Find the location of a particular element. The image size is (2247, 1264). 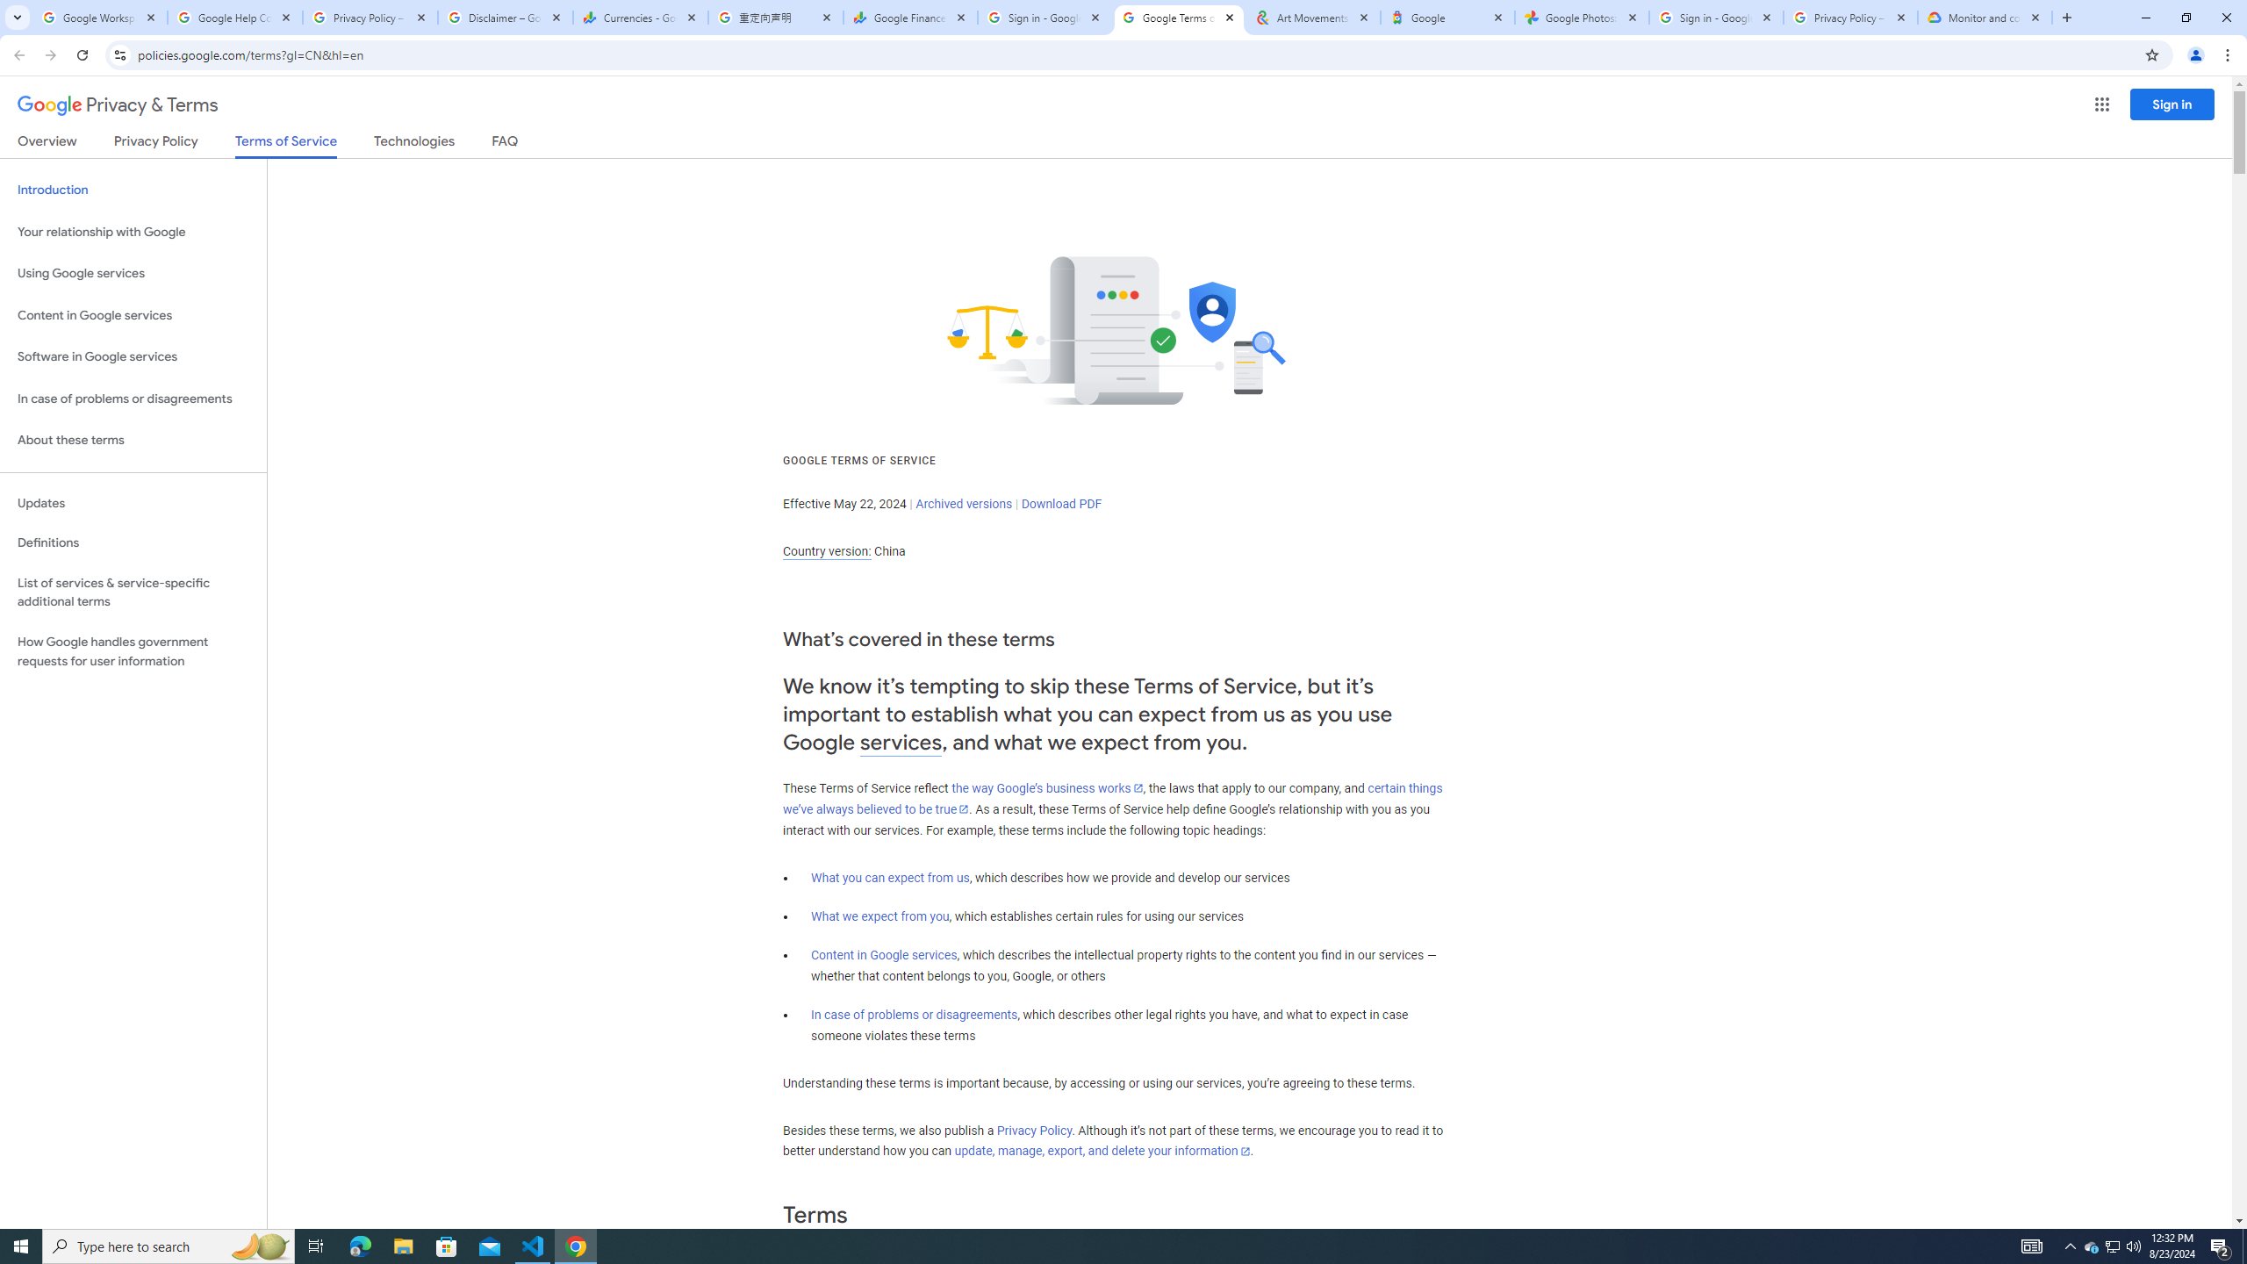

'Privacy & Terms' is located at coordinates (118, 104).